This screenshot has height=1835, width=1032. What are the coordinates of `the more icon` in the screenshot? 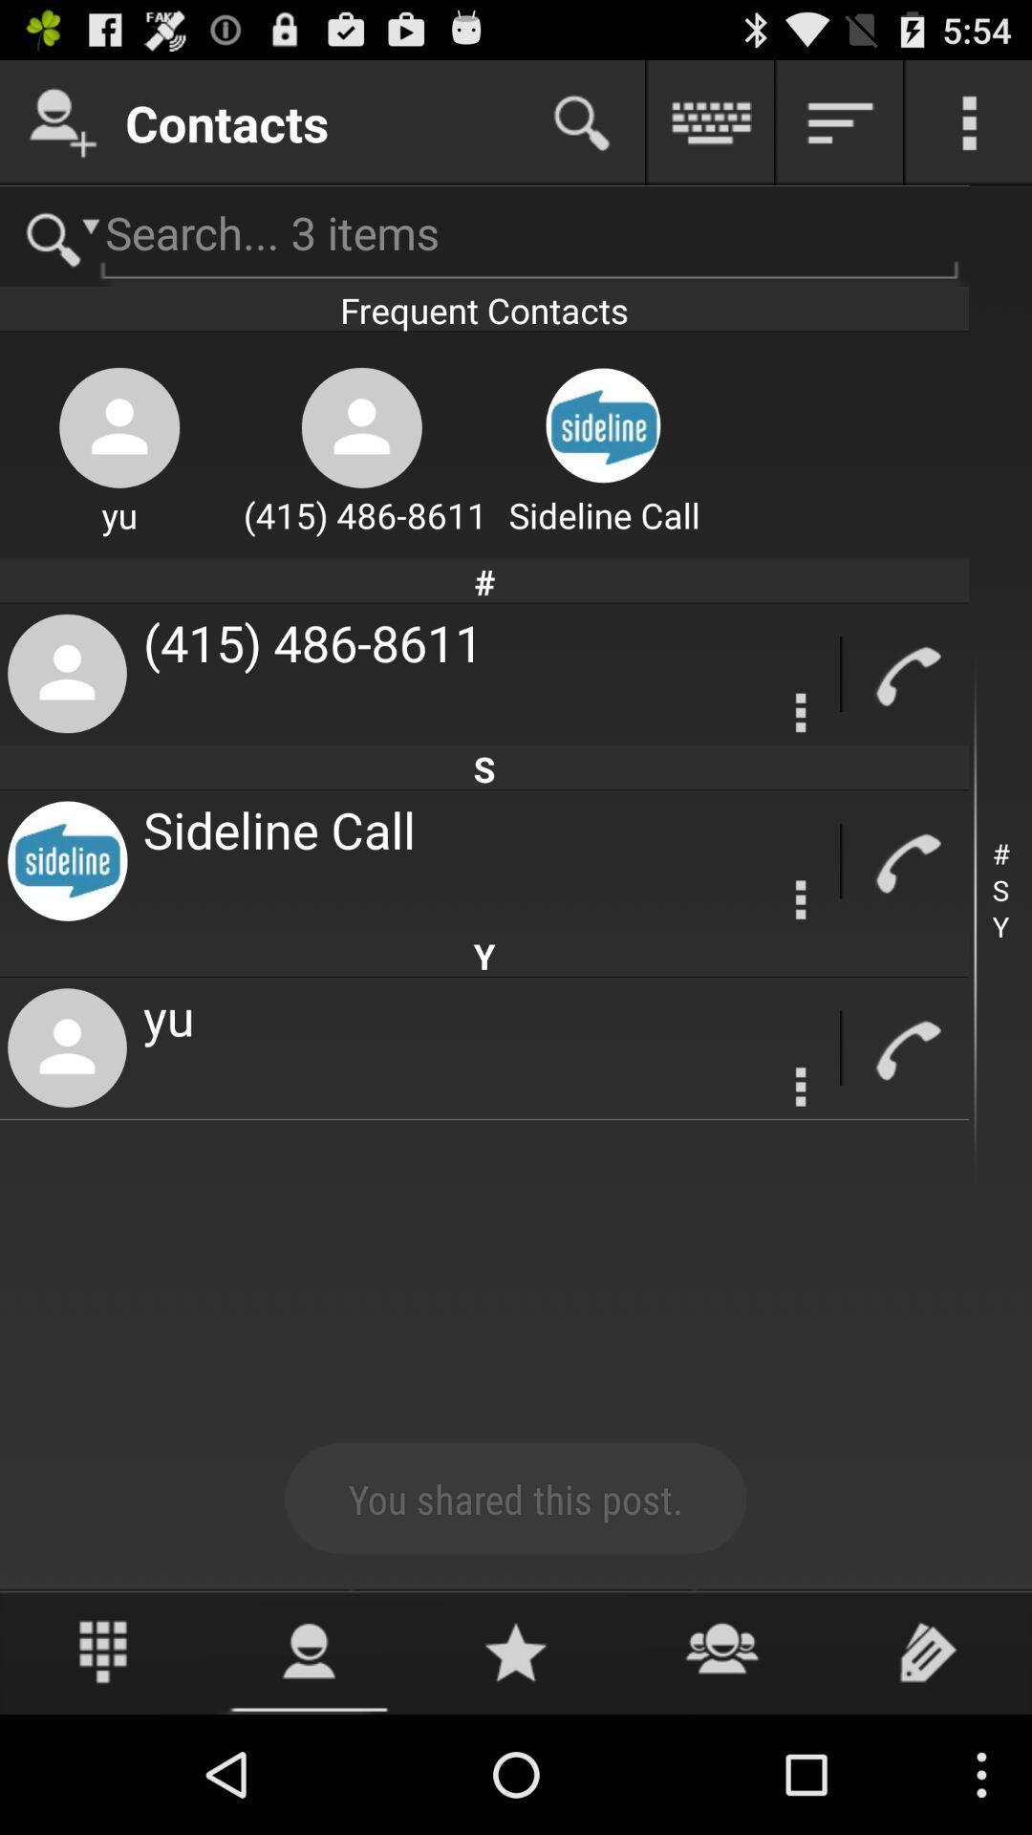 It's located at (969, 130).